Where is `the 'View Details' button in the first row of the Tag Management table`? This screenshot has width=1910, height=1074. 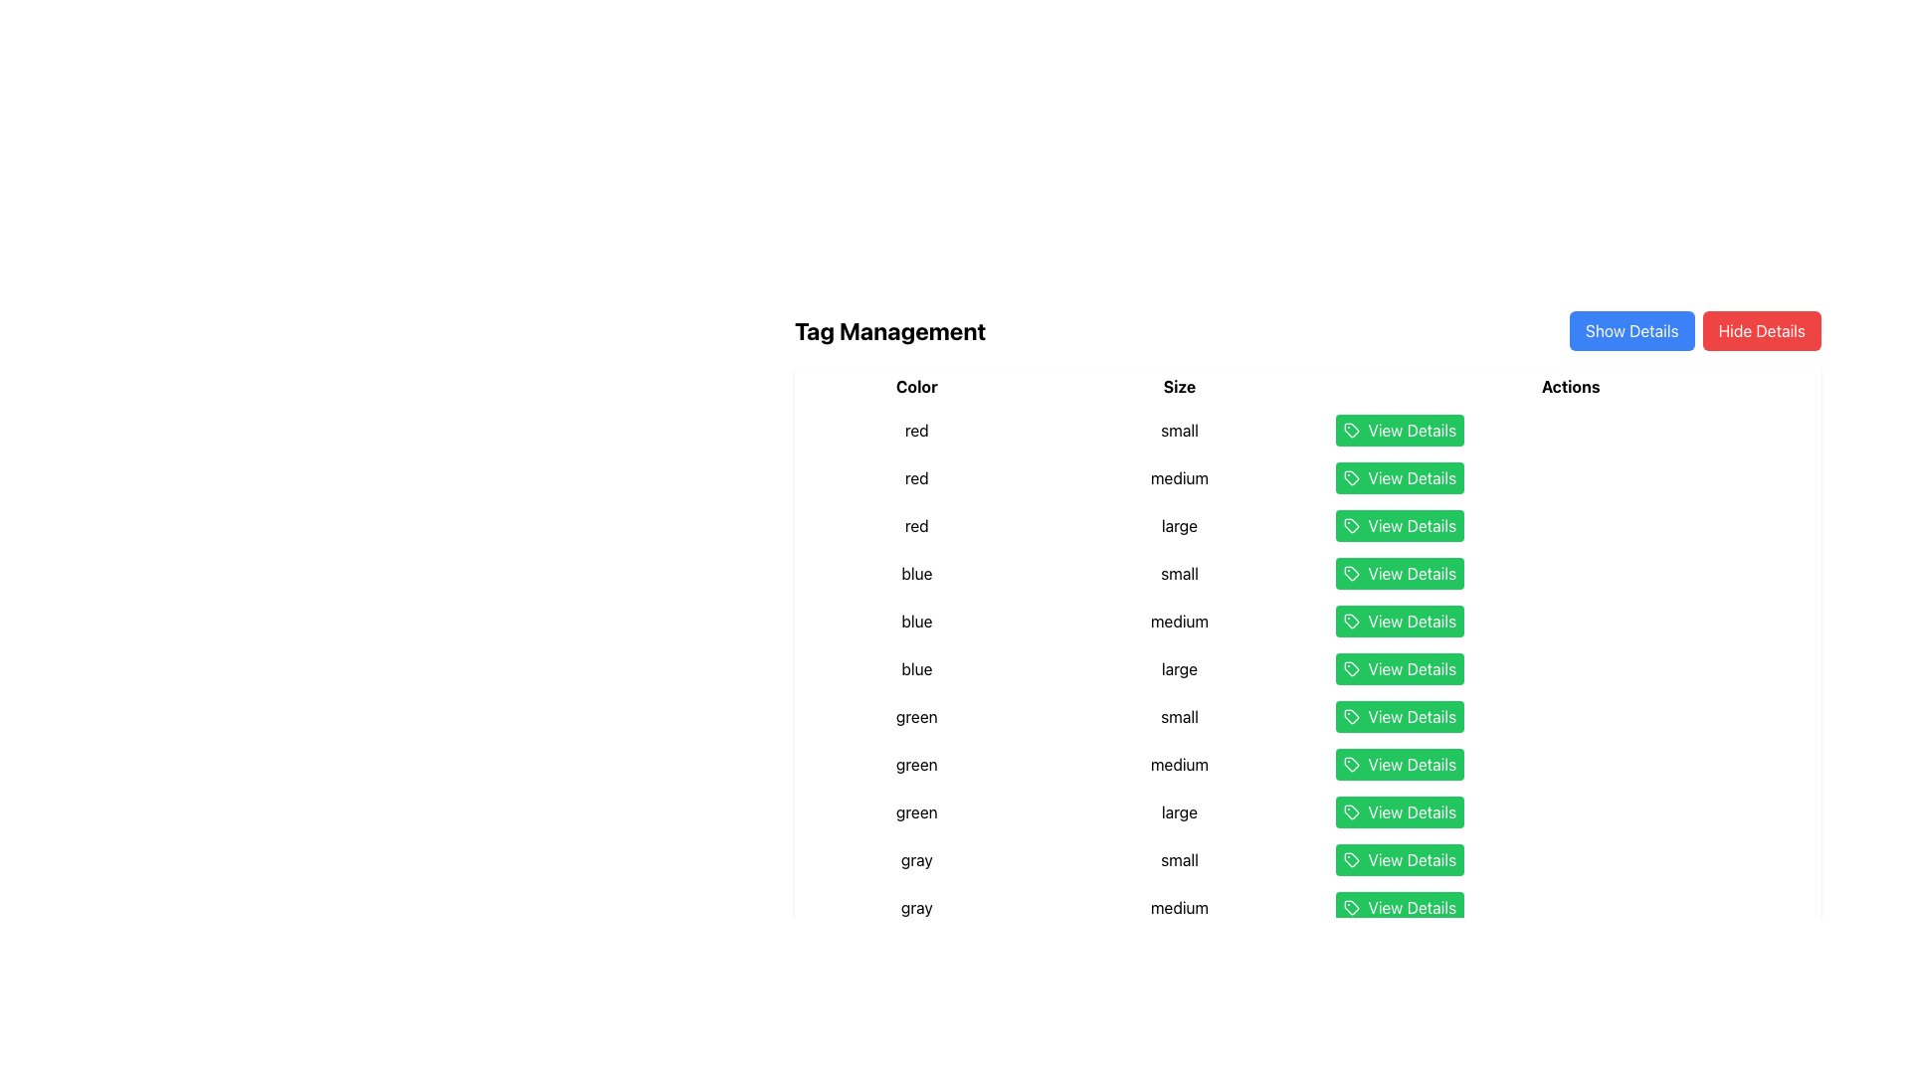 the 'View Details' button in the first row of the Tag Management table is located at coordinates (1308, 429).